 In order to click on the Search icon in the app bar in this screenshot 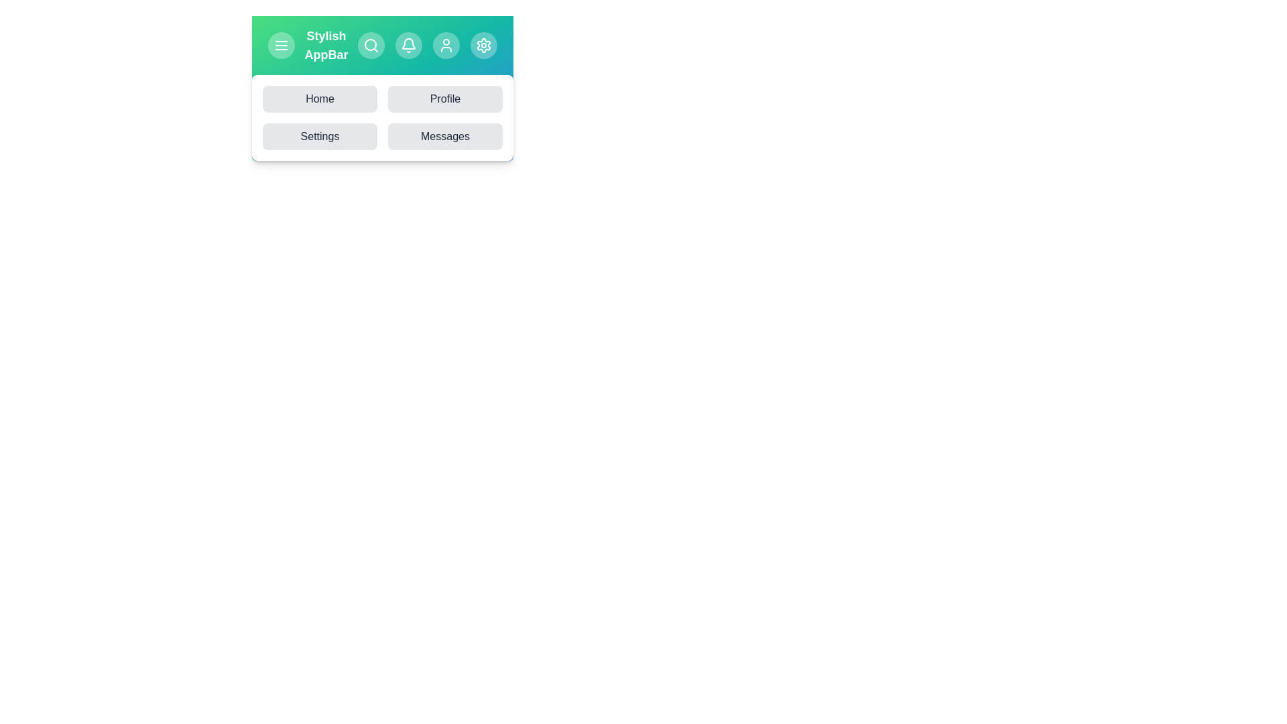, I will do `click(371, 45)`.